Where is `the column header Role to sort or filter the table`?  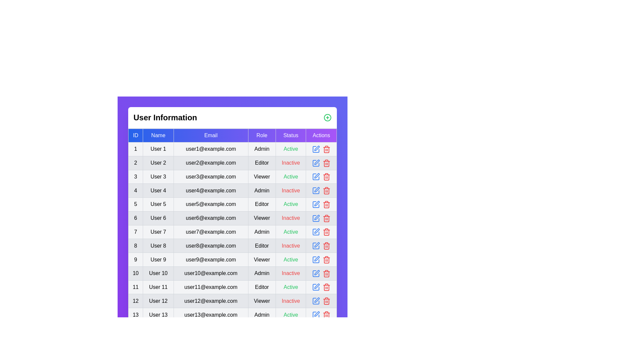 the column header Role to sort or filter the table is located at coordinates (261, 135).